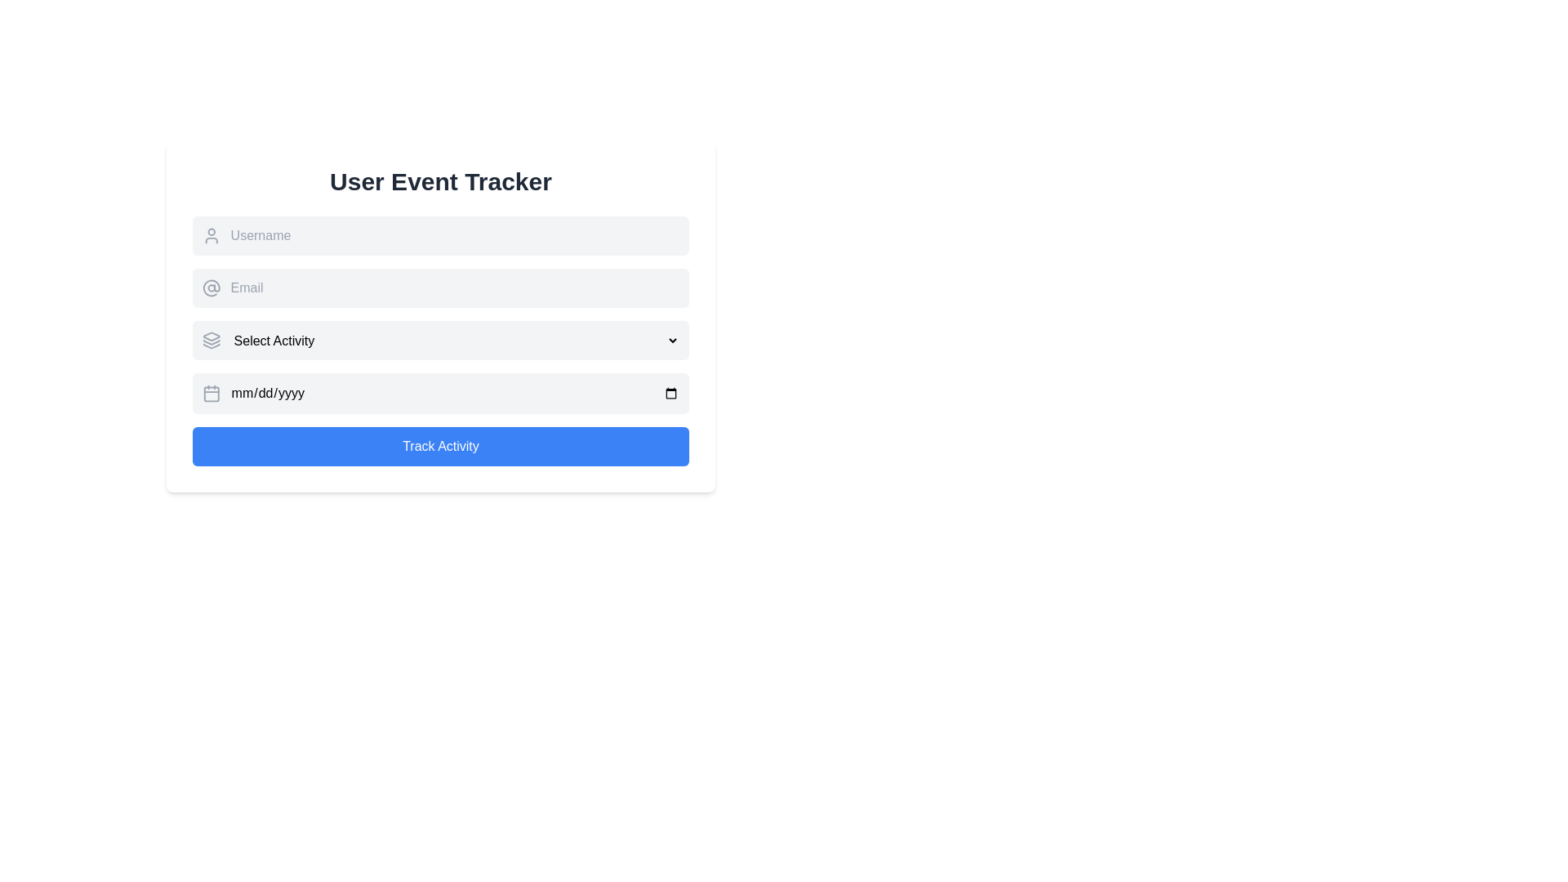  Describe the element at coordinates (211, 341) in the screenshot. I see `the middle layer of the icon depicting stacked layers, which has a triangular, wave-like shape with a gray outline and no fill, located to the left of the 'Select Activity' section of a form` at that location.